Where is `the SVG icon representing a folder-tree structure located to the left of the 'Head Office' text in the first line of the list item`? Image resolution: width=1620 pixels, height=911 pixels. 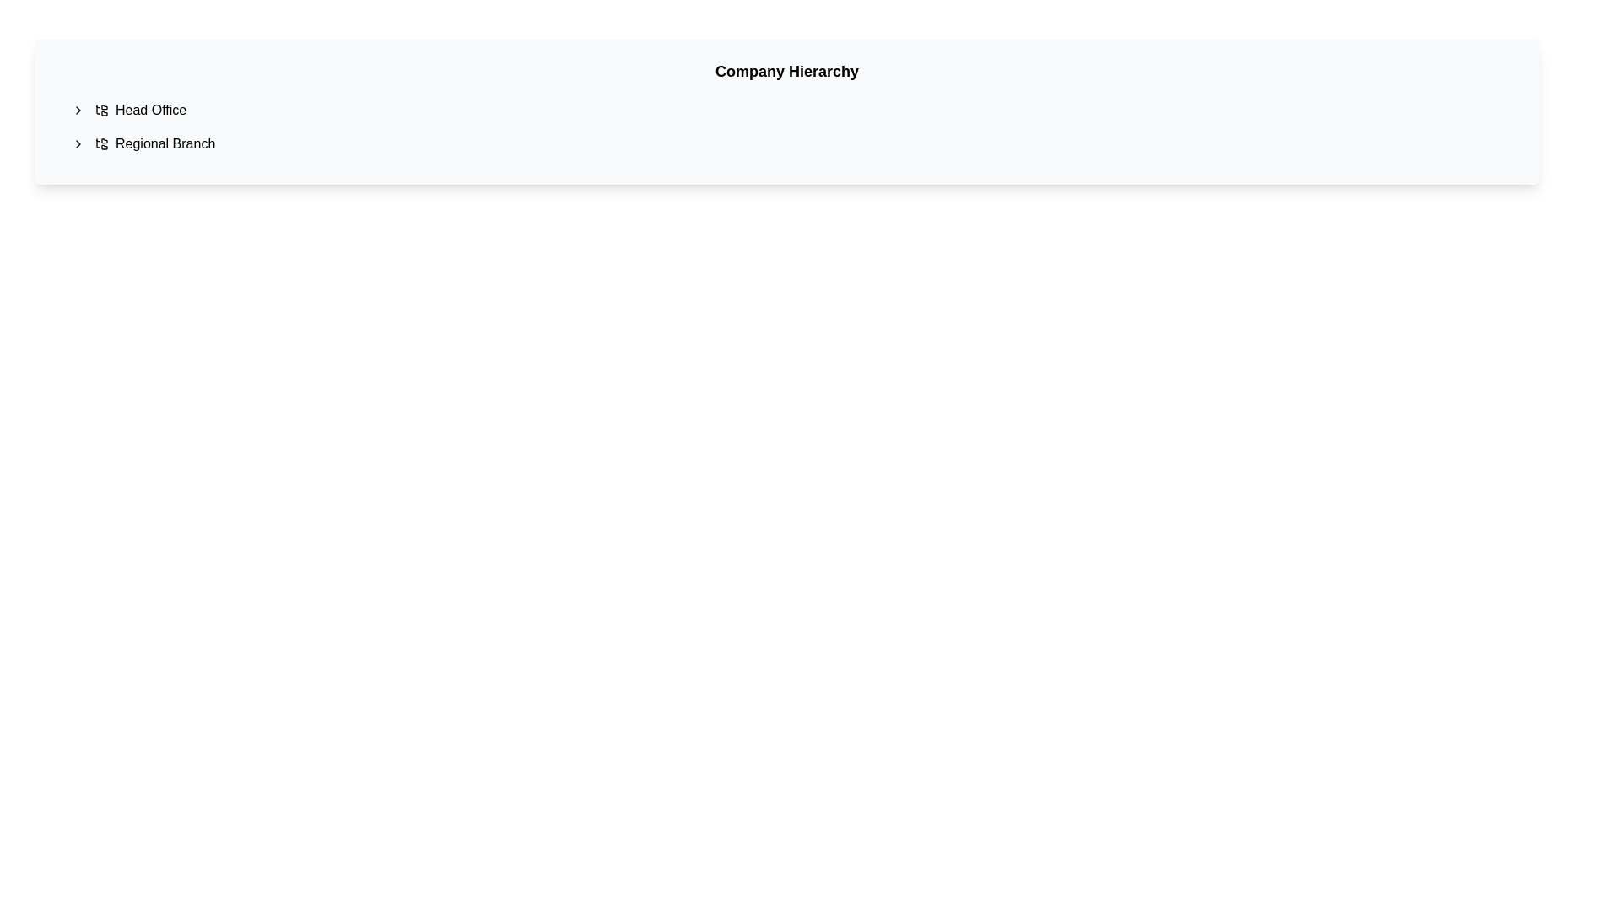 the SVG icon representing a folder-tree structure located to the left of the 'Head Office' text in the first line of the list item is located at coordinates (100, 111).